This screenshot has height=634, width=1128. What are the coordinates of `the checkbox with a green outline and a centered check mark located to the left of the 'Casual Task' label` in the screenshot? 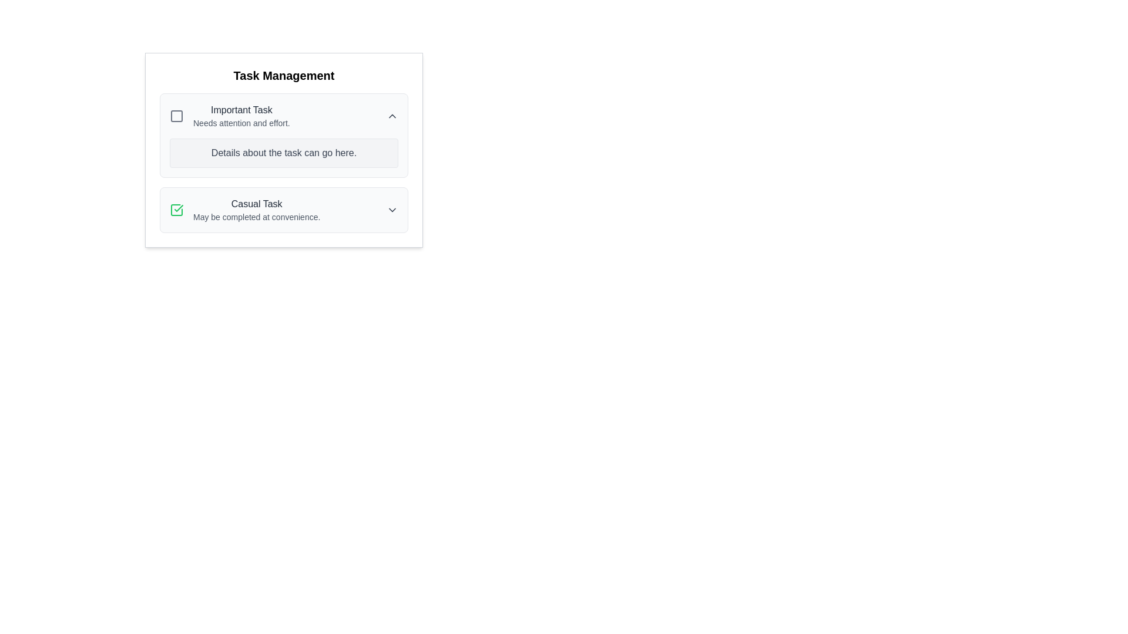 It's located at (176, 210).